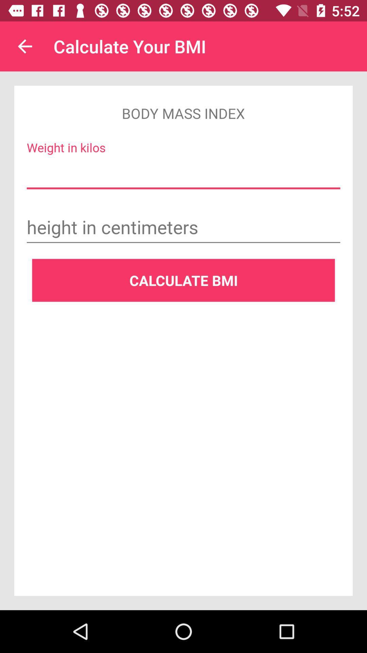  I want to click on text box, so click(183, 228).